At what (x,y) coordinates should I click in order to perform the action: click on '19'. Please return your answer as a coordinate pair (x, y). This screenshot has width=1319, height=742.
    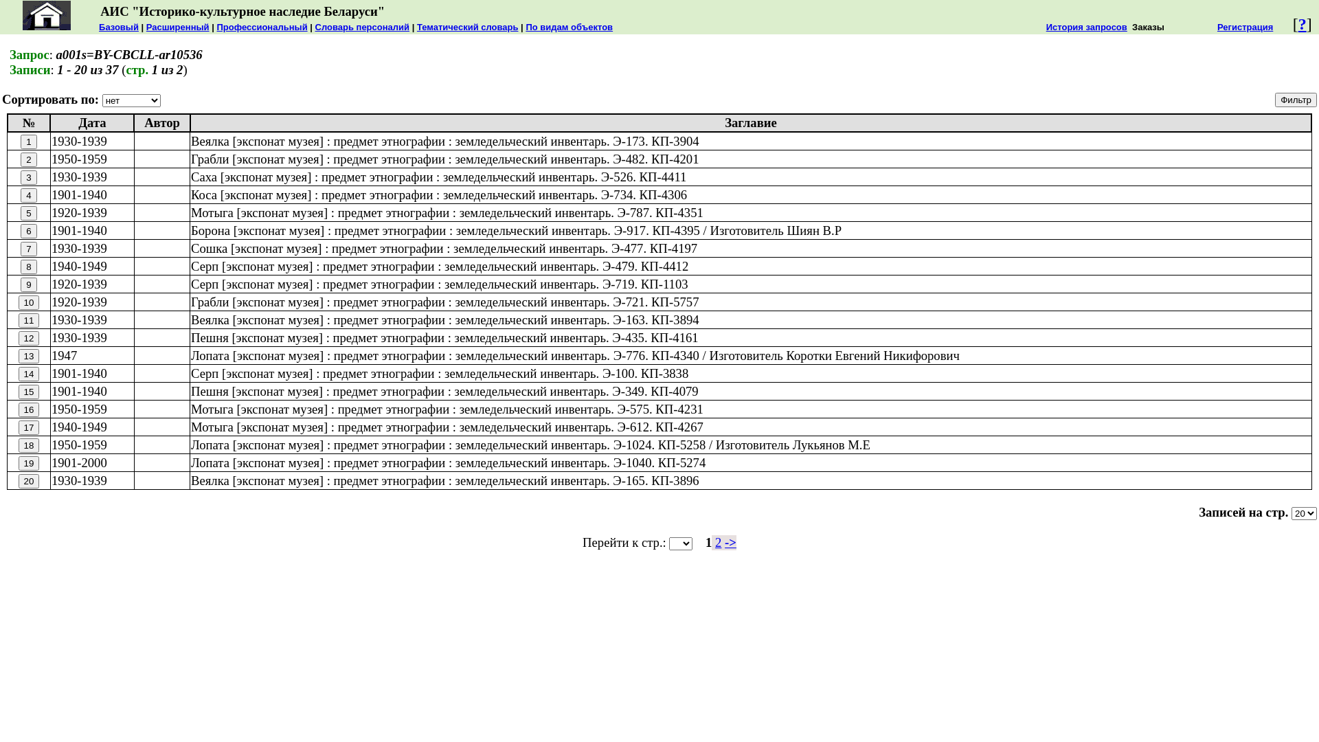
    Looking at the image, I should click on (29, 463).